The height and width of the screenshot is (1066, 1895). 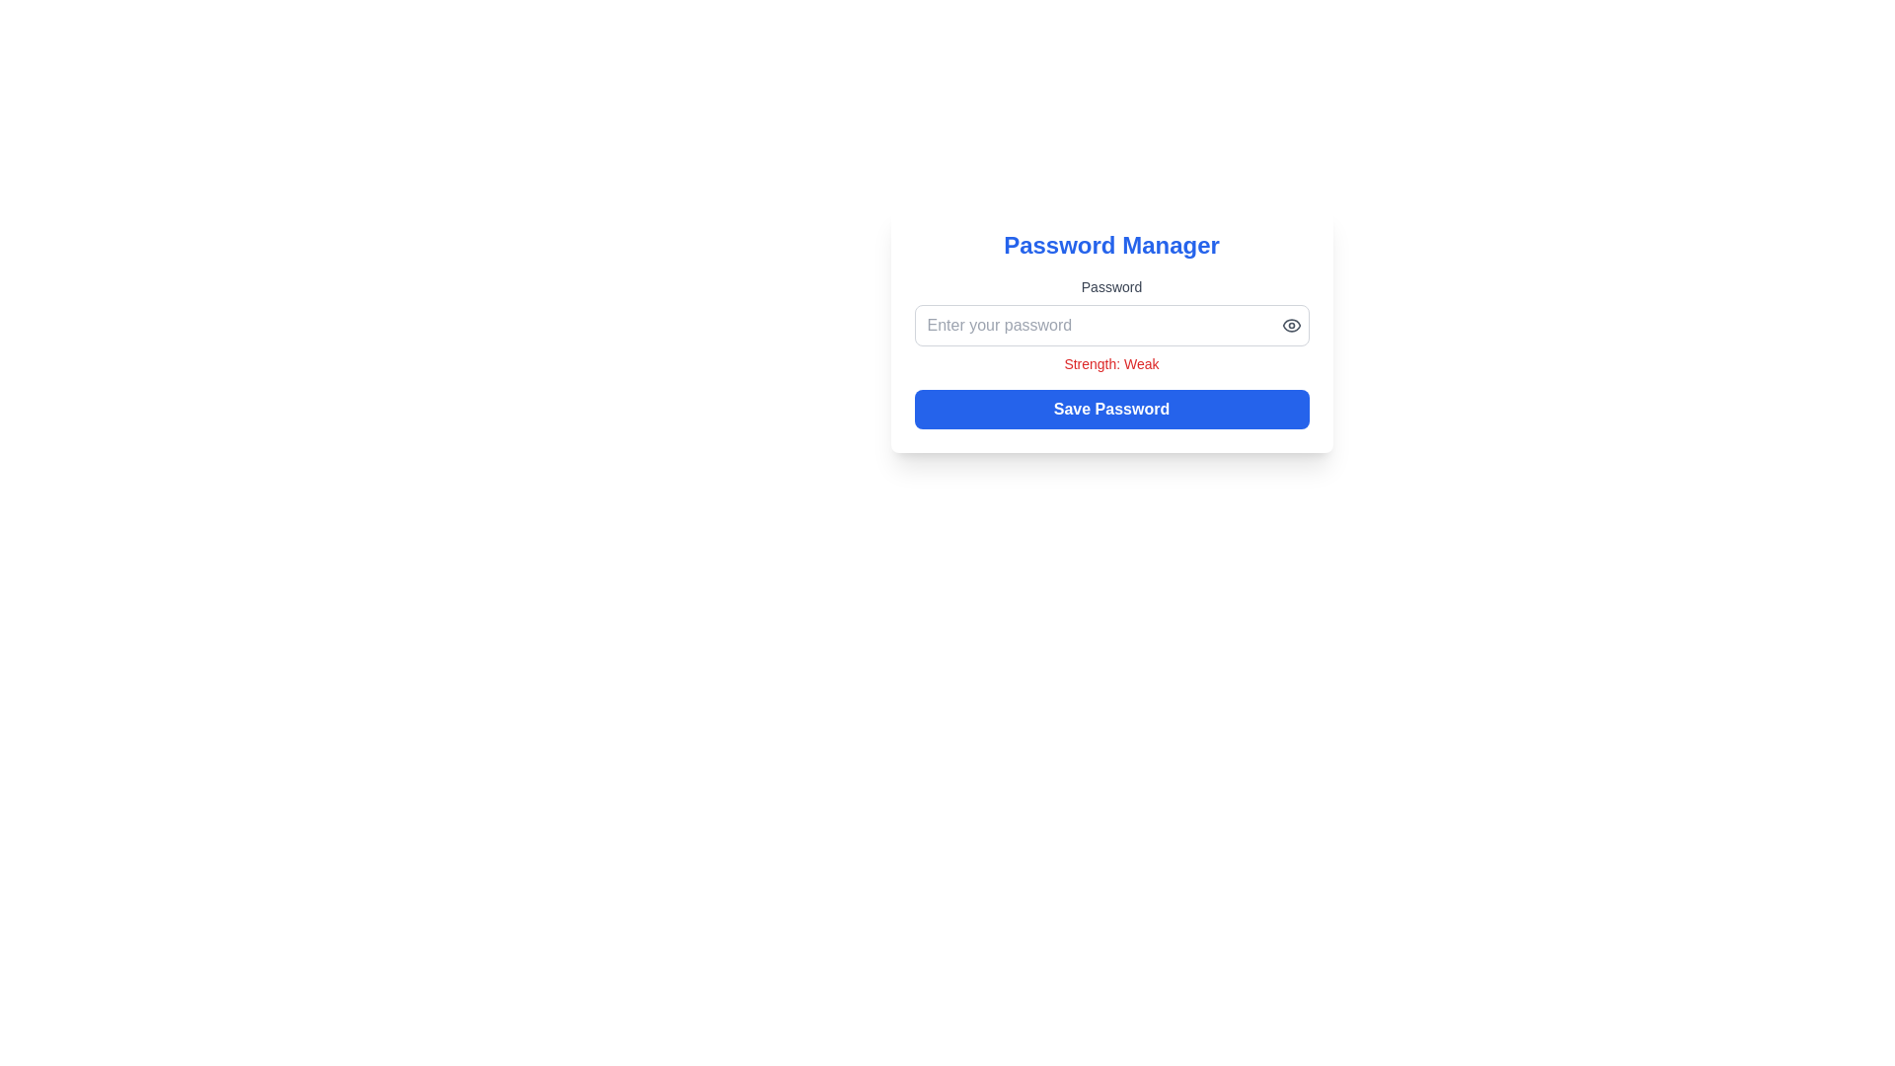 I want to click on the eye icon representing the toggle for password visibility located near the password input field, so click(x=1291, y=325).